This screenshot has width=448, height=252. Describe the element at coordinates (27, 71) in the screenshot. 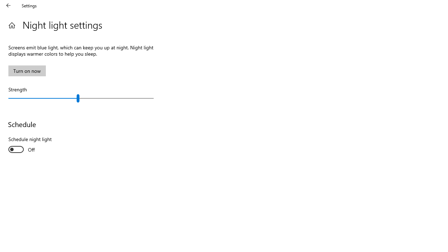

I see `'Turn on now'` at that location.